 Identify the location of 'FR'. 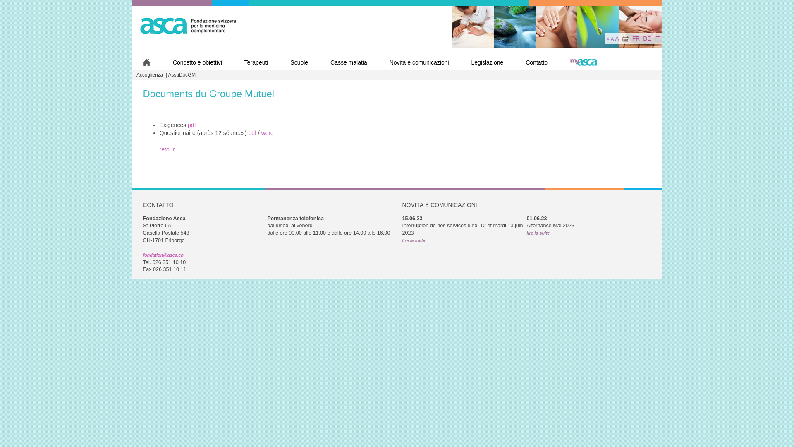
(632, 38).